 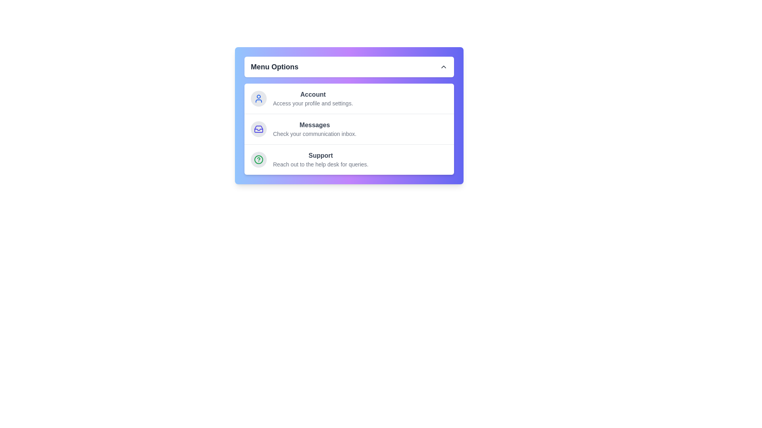 What do you see at coordinates (349, 67) in the screenshot?
I see `the toggle button to change the menu's state` at bounding box center [349, 67].